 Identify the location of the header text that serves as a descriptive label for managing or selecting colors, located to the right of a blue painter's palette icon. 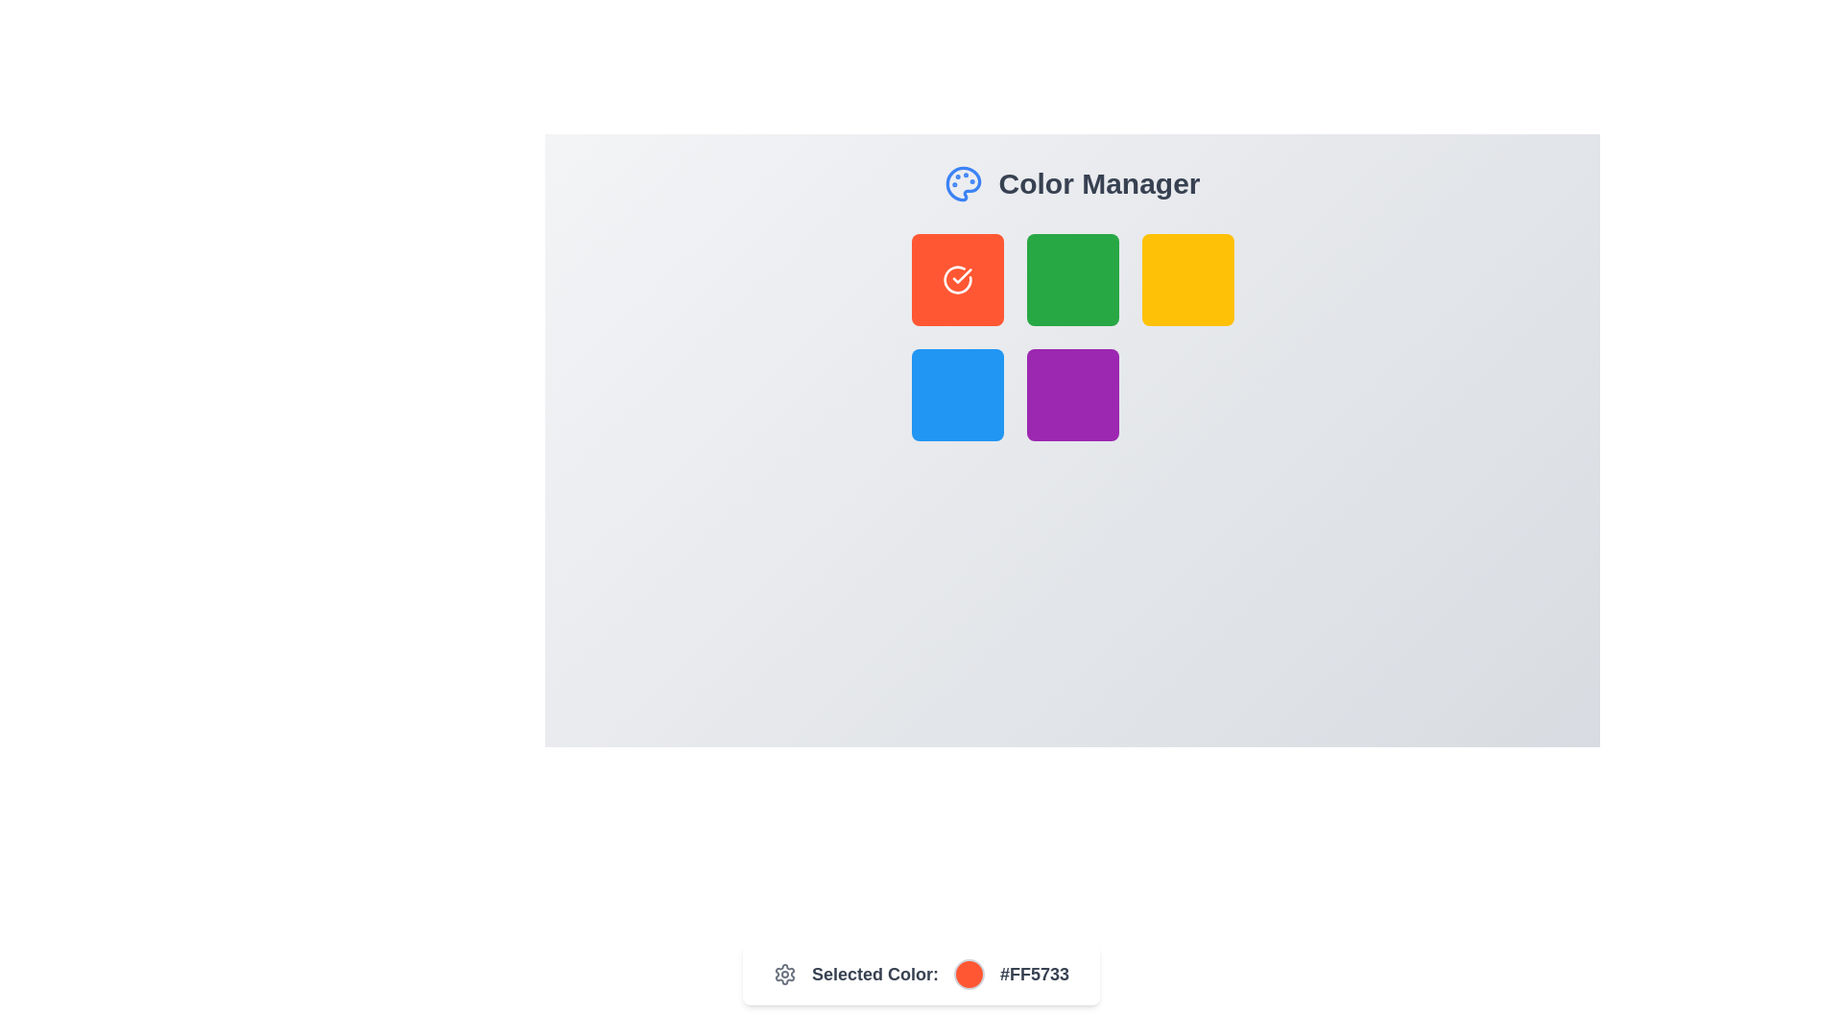
(1099, 184).